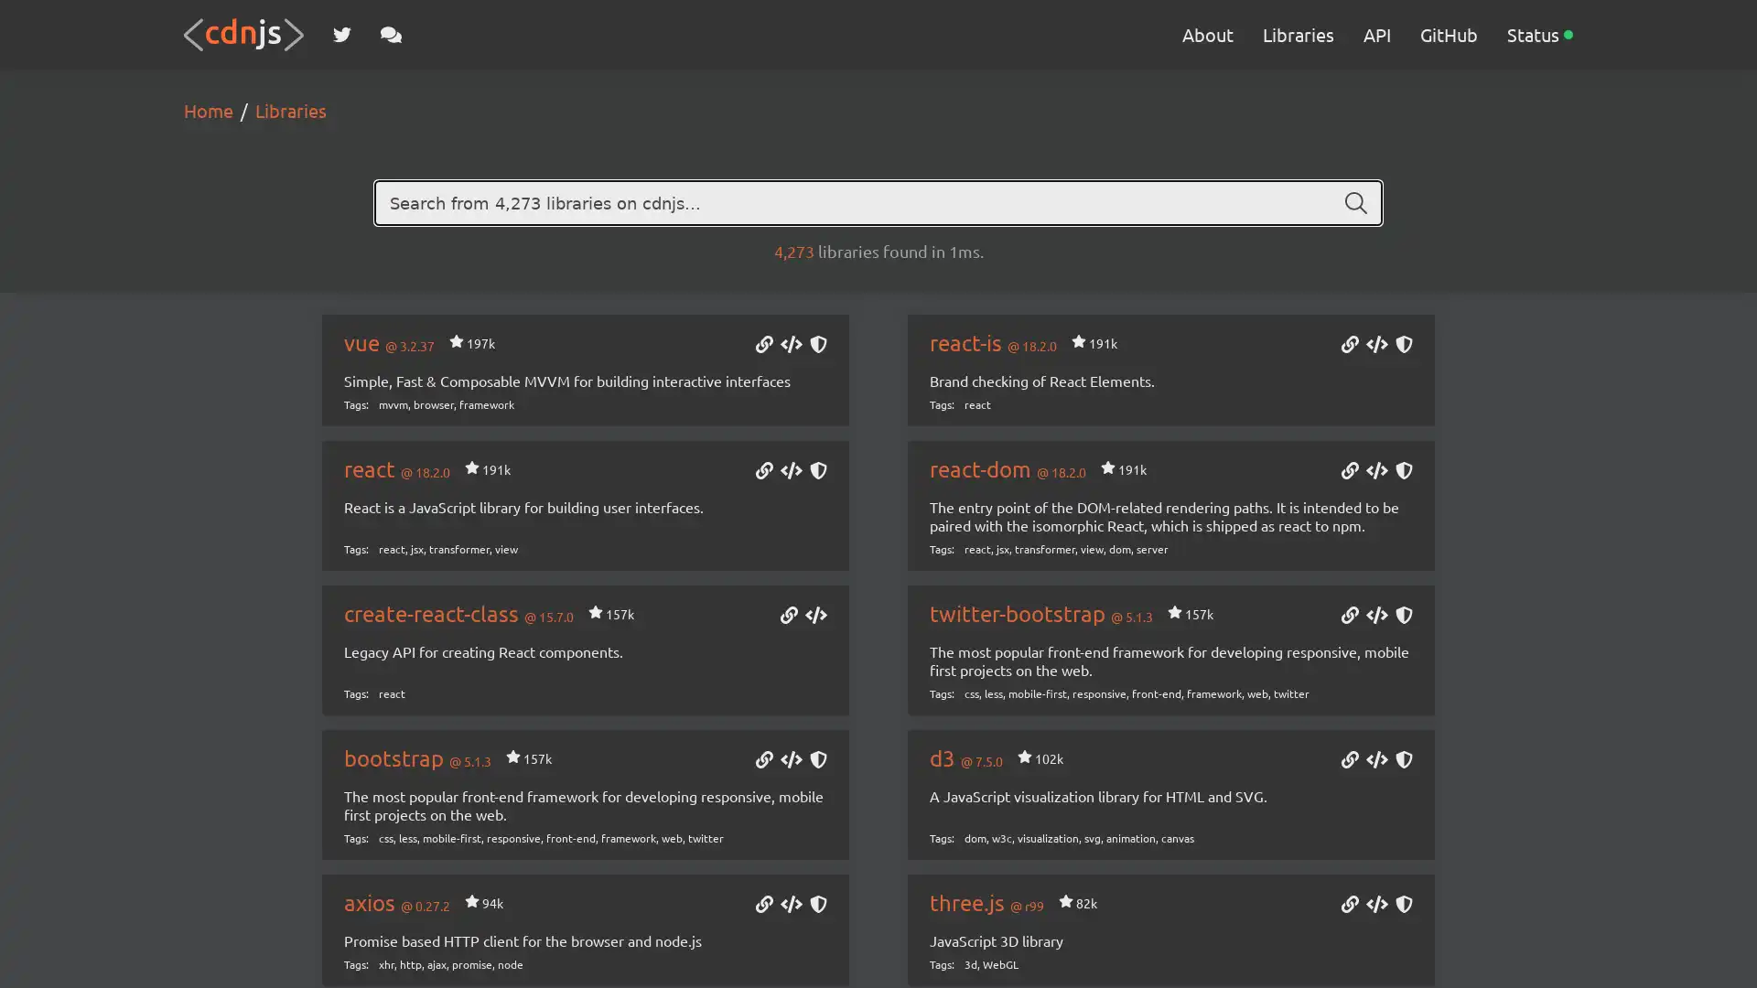  Describe the element at coordinates (1349, 471) in the screenshot. I see `Copy URL` at that location.